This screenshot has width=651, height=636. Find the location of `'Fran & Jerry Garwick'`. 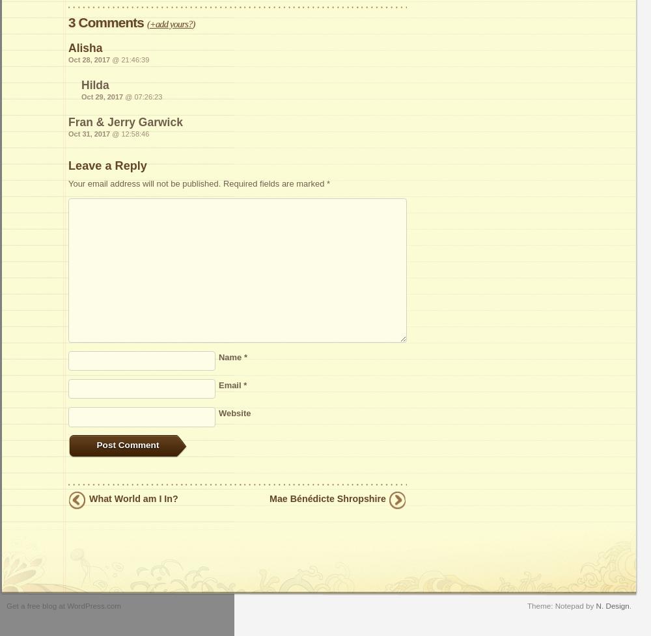

'Fran & Jerry Garwick' is located at coordinates (68, 121).